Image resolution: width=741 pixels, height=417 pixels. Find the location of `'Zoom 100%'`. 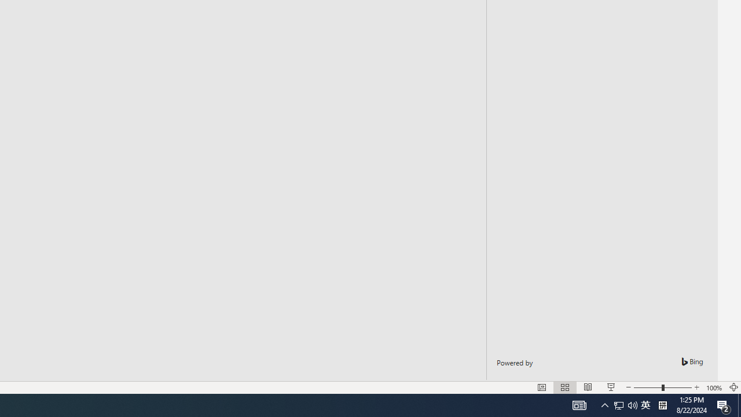

'Zoom 100%' is located at coordinates (714, 387).